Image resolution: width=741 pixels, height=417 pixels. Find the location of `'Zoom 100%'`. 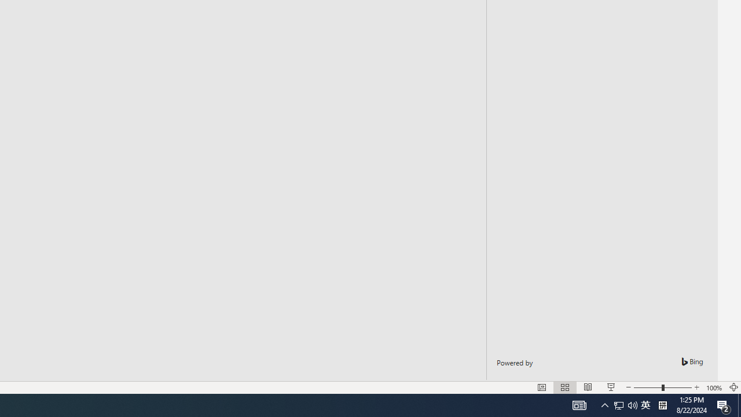

'Zoom 100%' is located at coordinates (714, 387).